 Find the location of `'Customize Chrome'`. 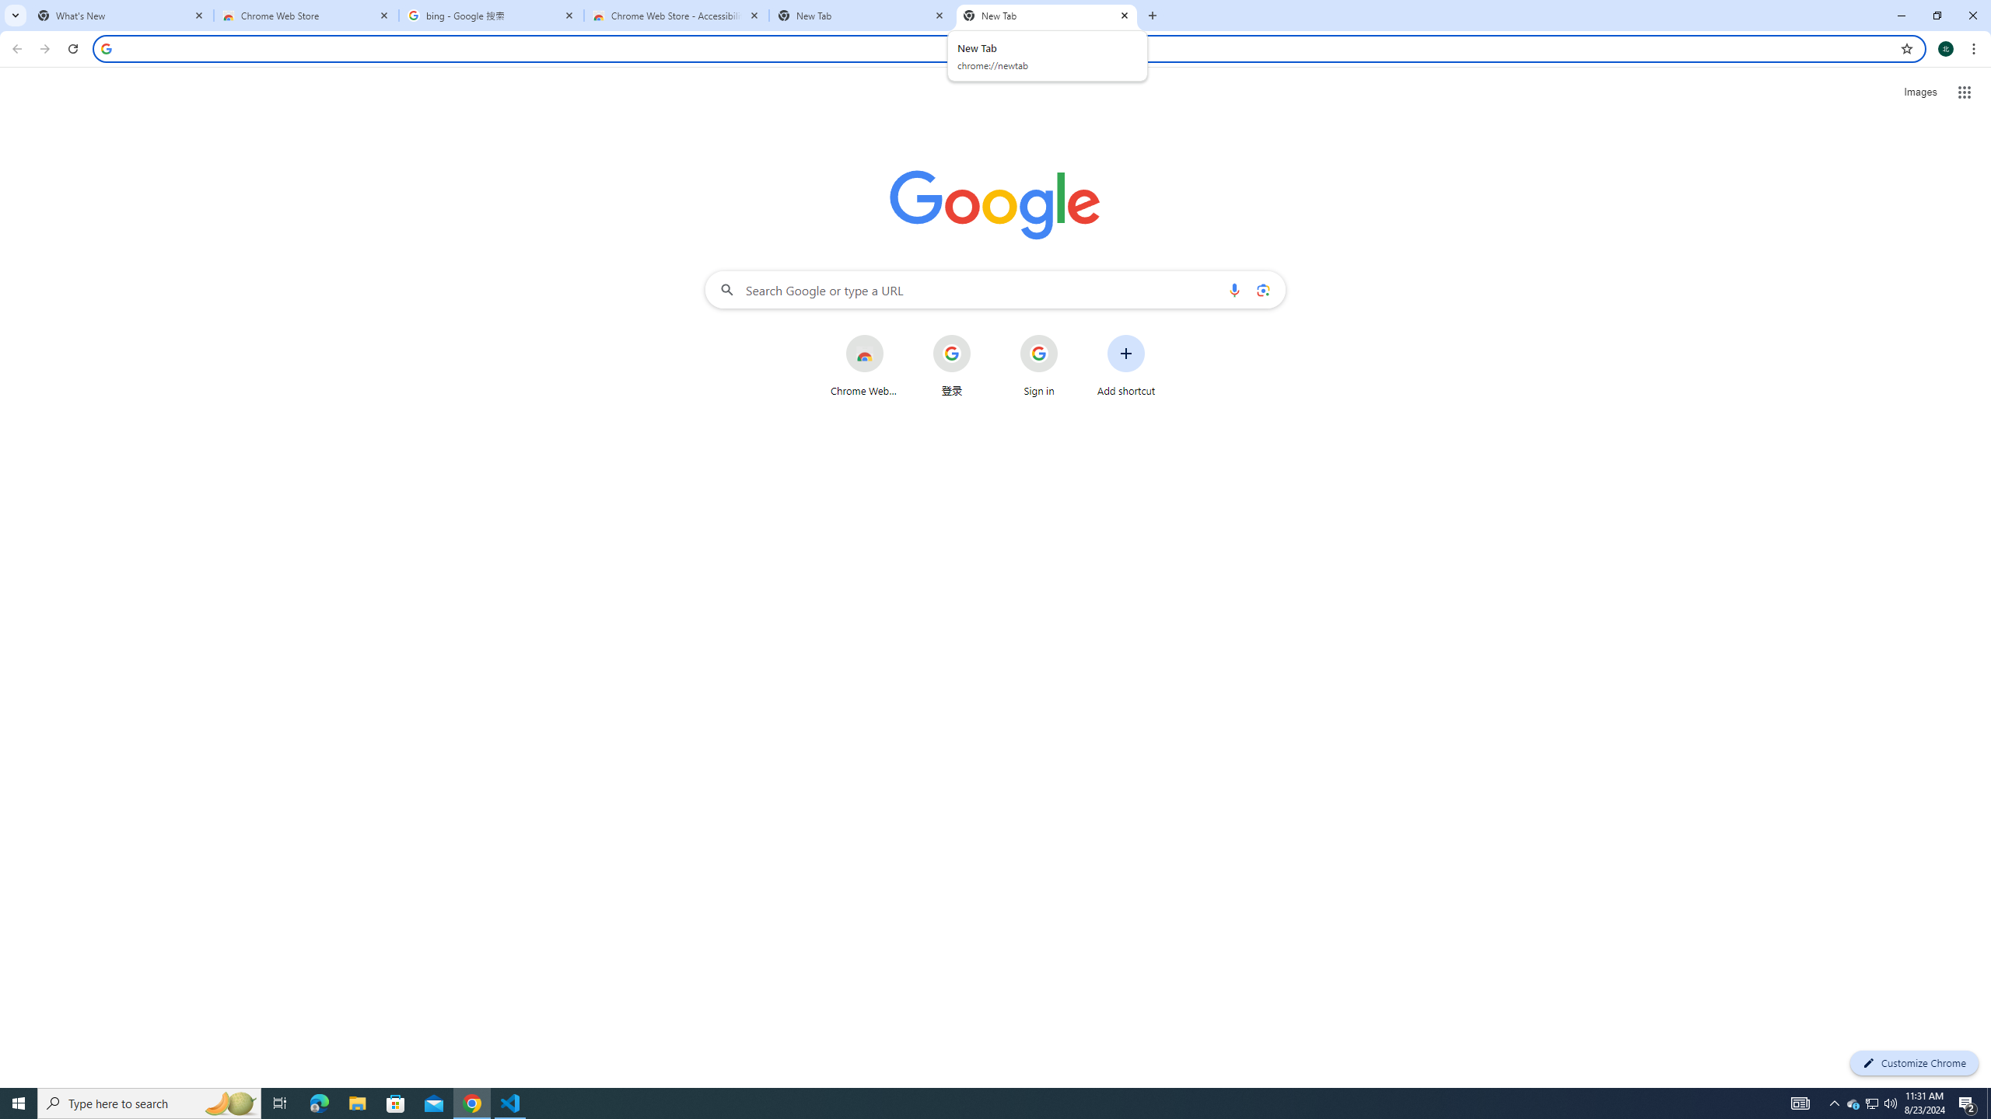

'Customize Chrome' is located at coordinates (1914, 1062).